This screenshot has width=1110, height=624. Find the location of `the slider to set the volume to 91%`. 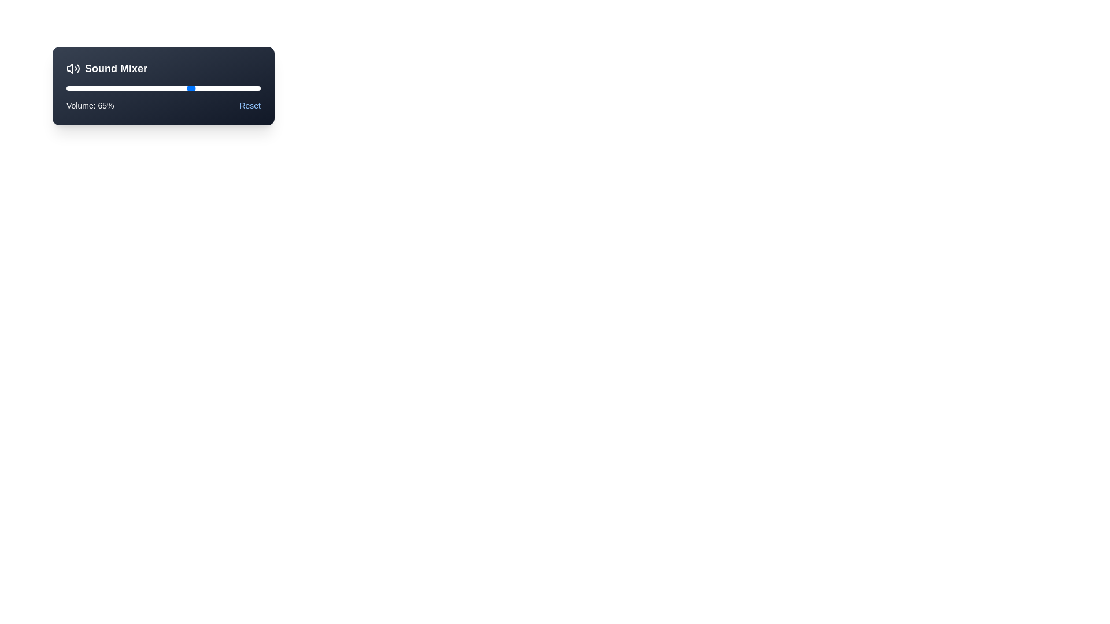

the slider to set the volume to 91% is located at coordinates (242, 88).